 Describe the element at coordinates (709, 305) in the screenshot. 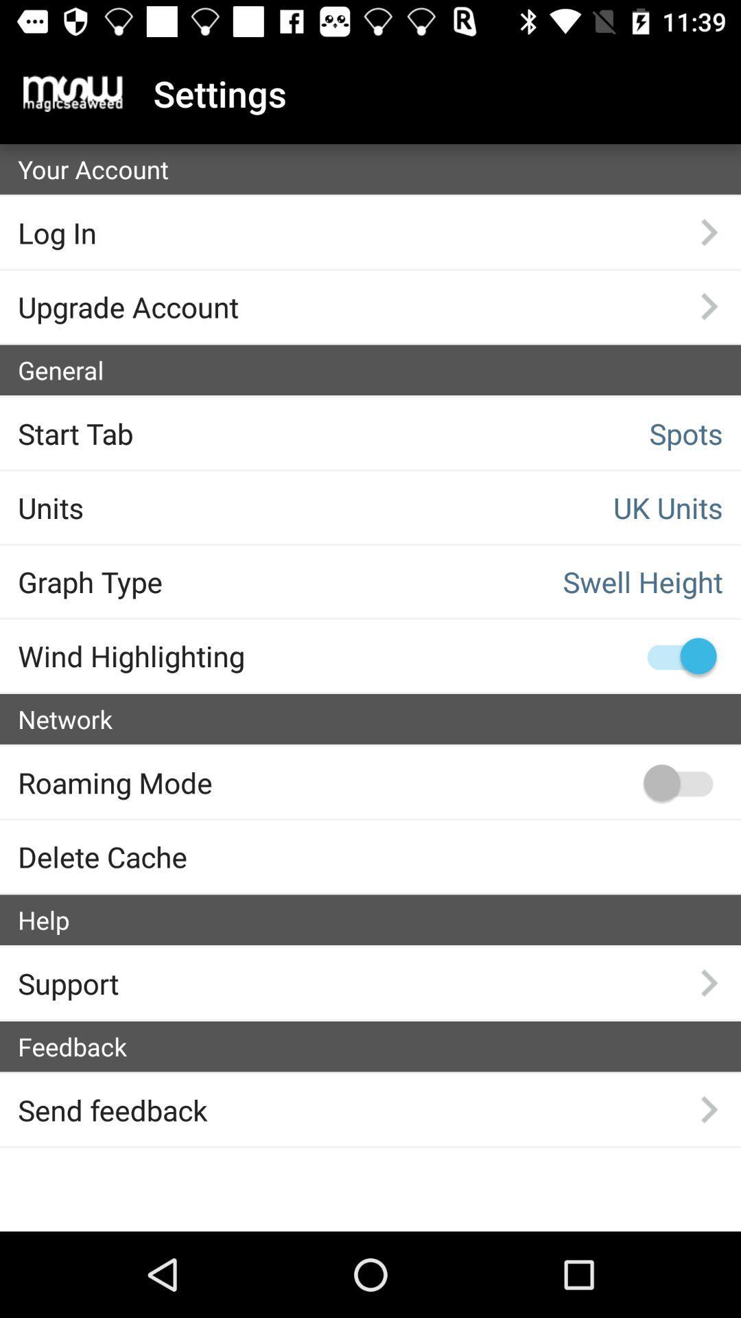

I see `the right arrow icon which is right to upgrade account` at that location.